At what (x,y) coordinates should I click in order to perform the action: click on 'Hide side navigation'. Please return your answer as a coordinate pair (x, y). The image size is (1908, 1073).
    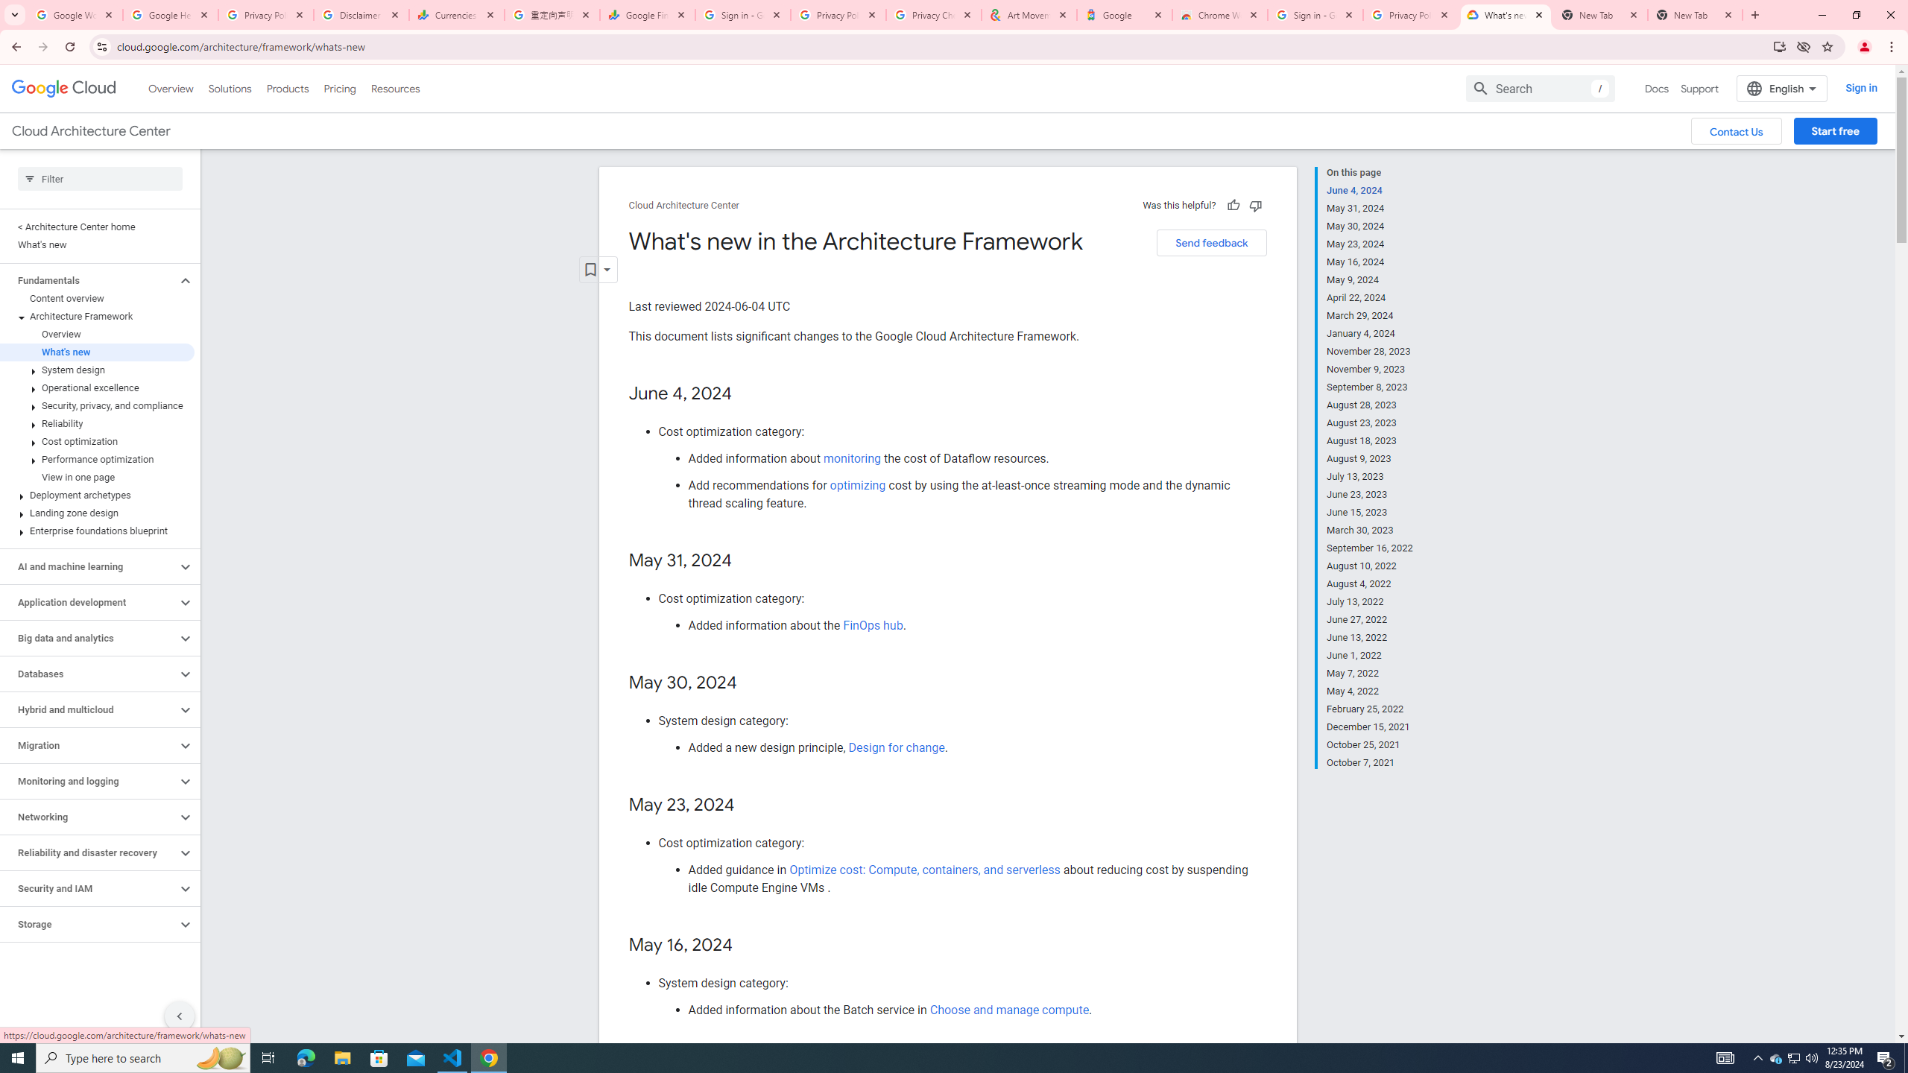
    Looking at the image, I should click on (179, 1016).